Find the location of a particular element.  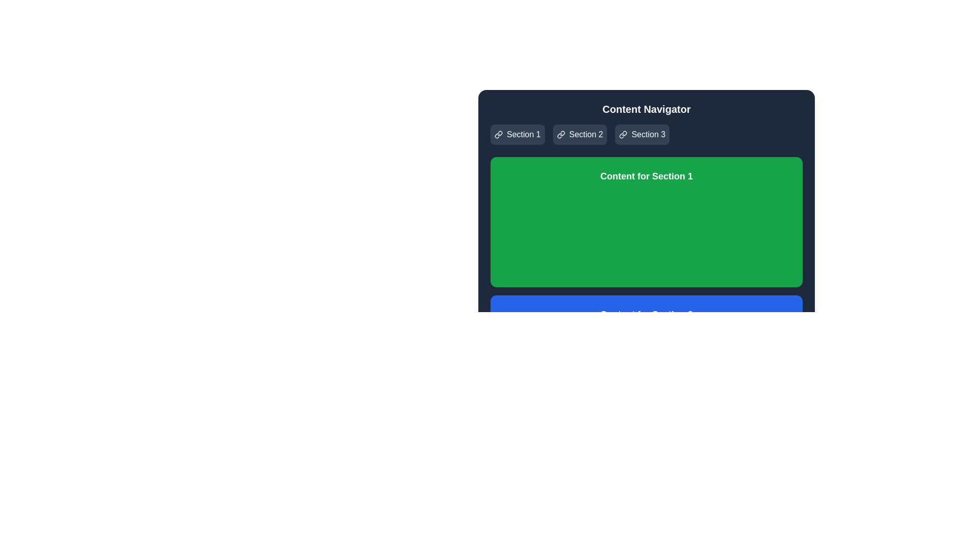

the first half of the chain-link icon located in the top-left quadrant of the interface, which is part of the 'Section 1' button's icon is located at coordinates (500, 133).